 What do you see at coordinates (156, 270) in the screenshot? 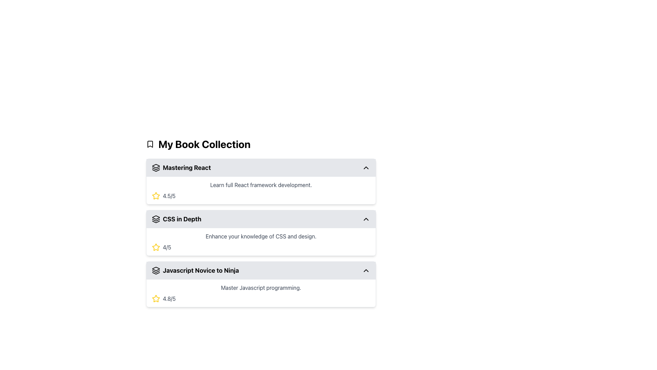
I see `the icon associated with the 'Javascript Novice to Ninja' book entry, which is located to the left of the text and centered vertically within its row` at bounding box center [156, 270].